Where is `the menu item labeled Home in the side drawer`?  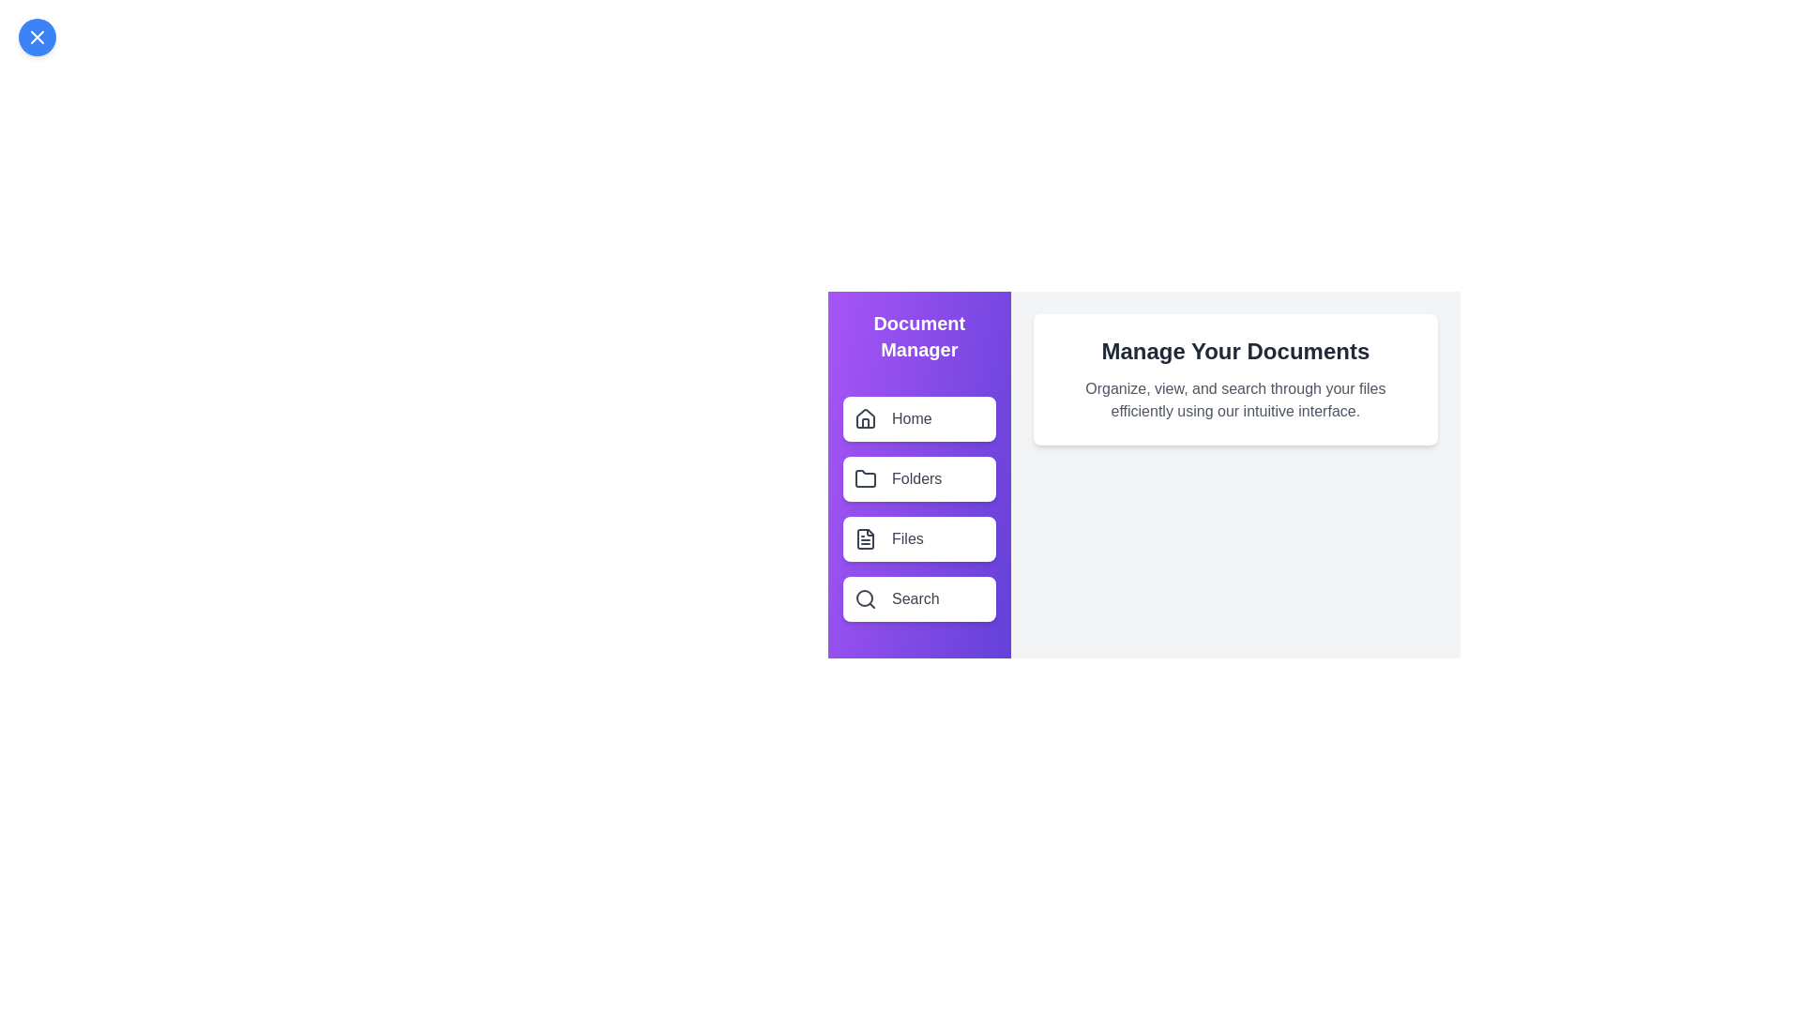 the menu item labeled Home in the side drawer is located at coordinates (918, 418).